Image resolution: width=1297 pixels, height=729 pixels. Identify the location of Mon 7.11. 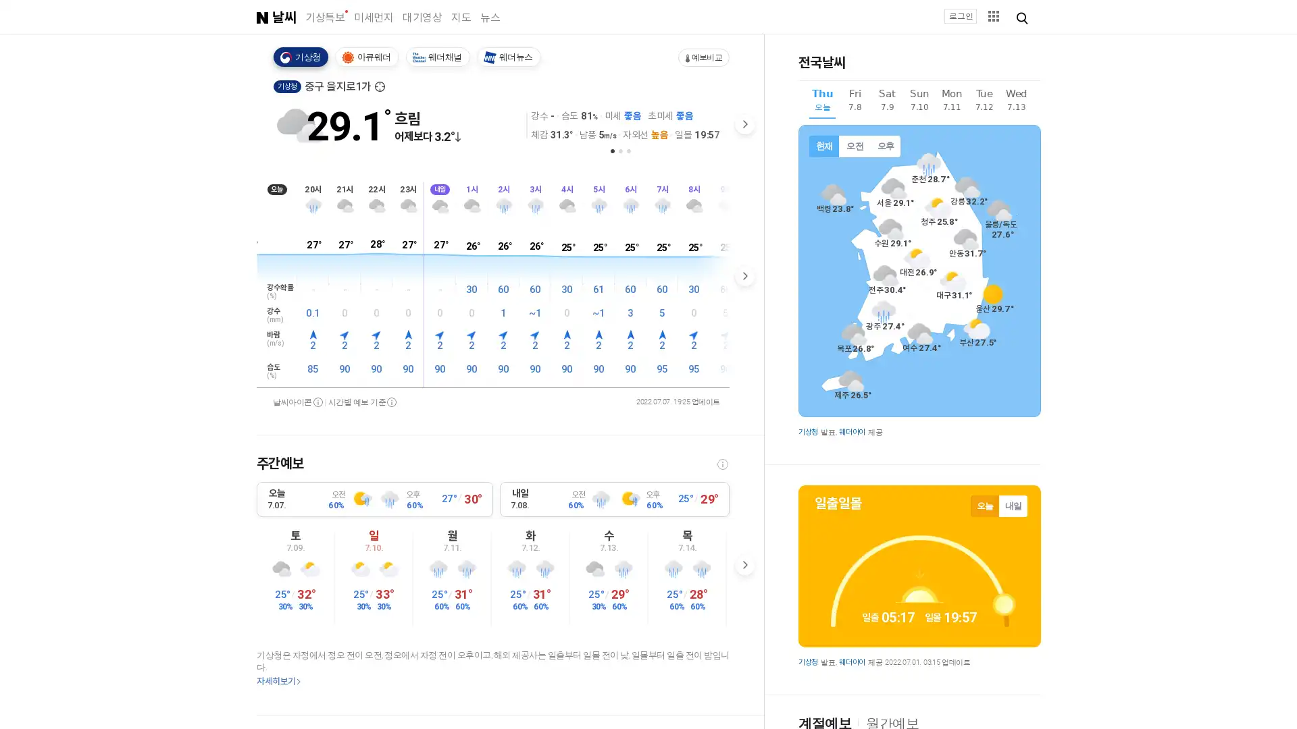
(951, 101).